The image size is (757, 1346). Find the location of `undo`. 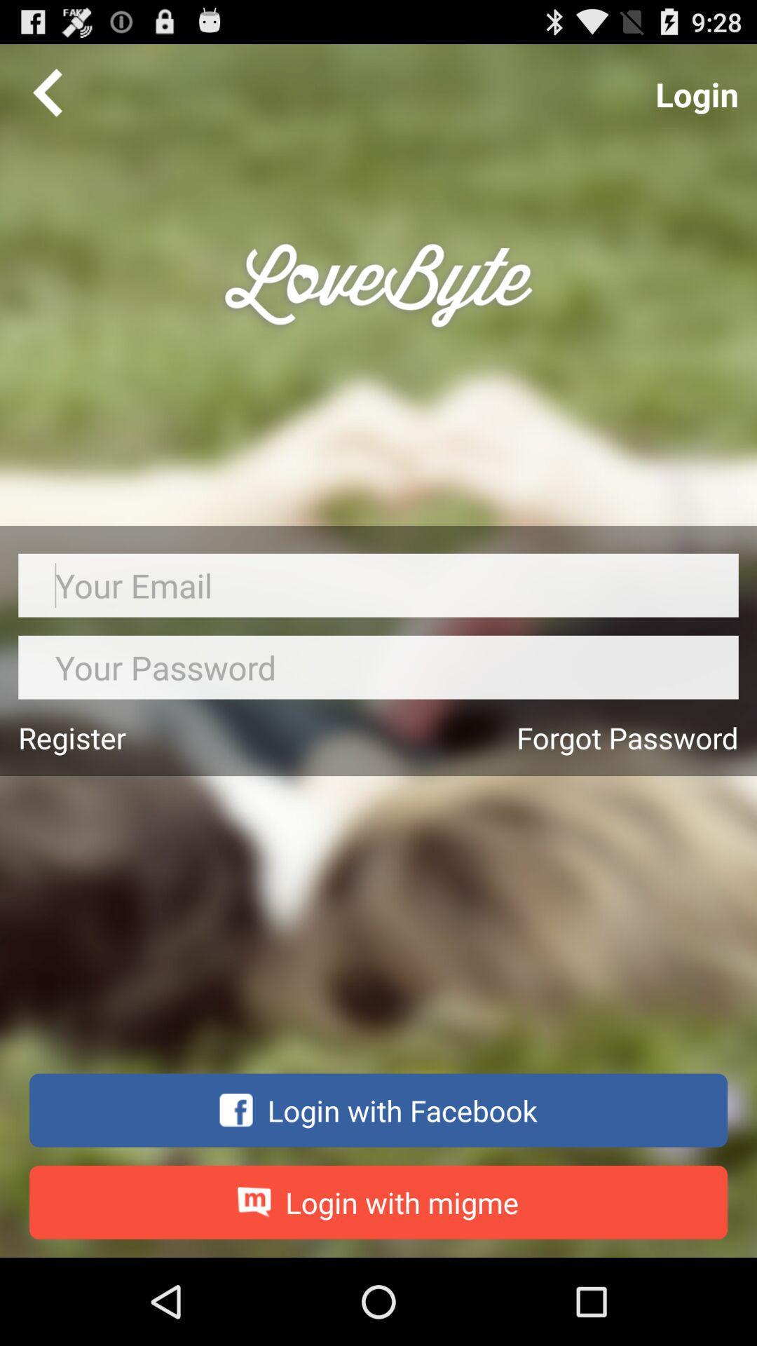

undo is located at coordinates (47, 91).